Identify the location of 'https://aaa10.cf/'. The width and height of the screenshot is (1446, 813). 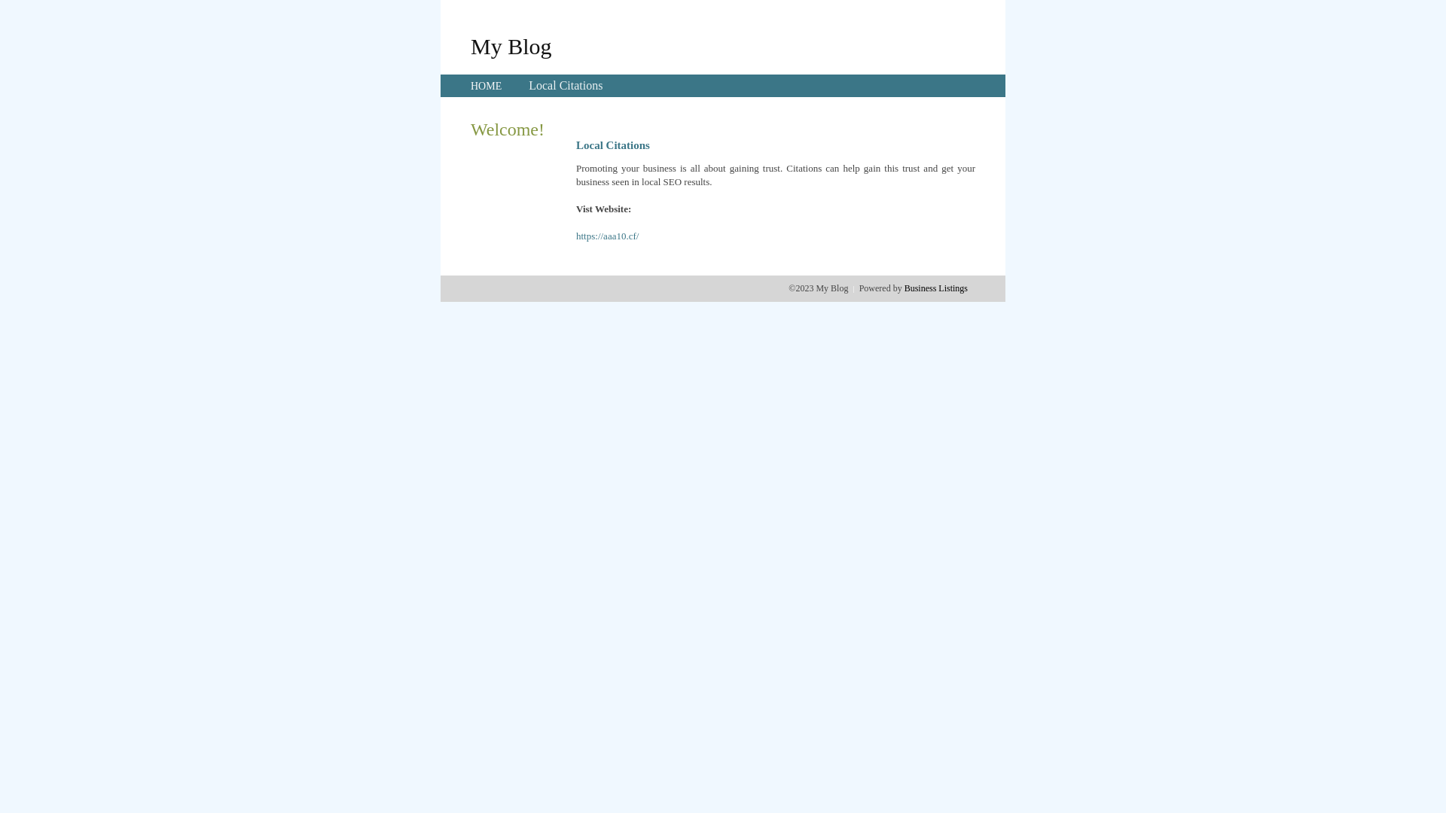
(607, 236).